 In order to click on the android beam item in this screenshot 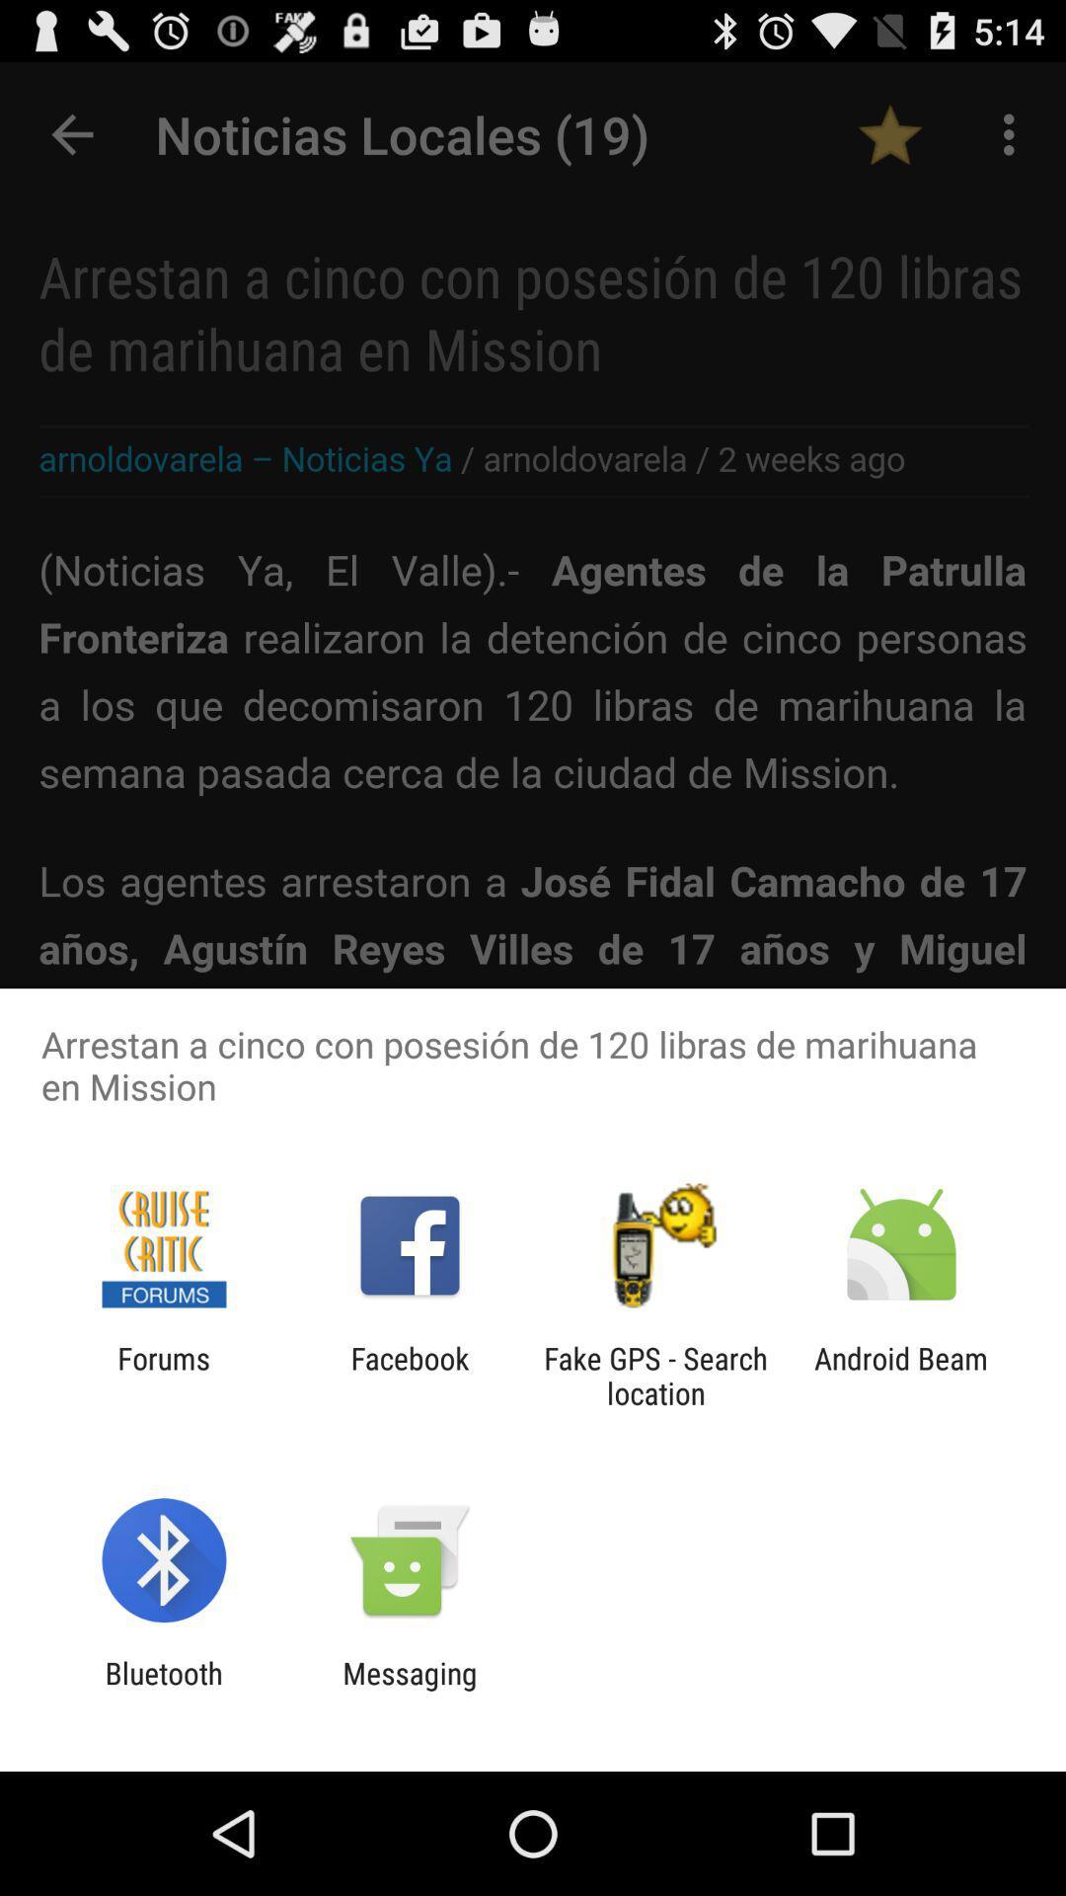, I will do `click(901, 1375)`.